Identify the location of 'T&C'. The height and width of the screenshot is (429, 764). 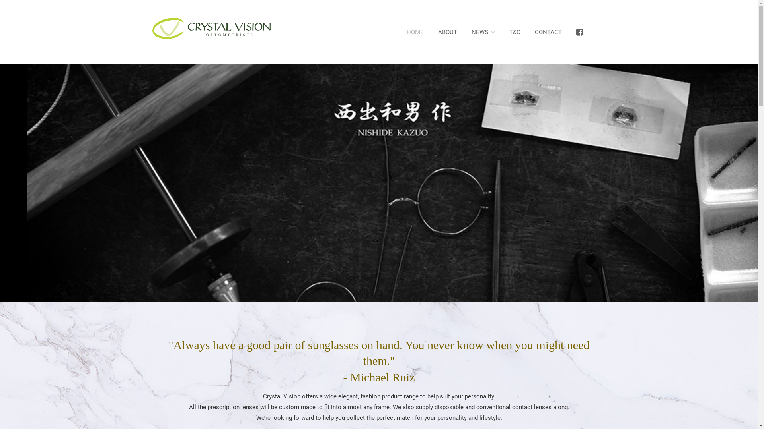
(515, 32).